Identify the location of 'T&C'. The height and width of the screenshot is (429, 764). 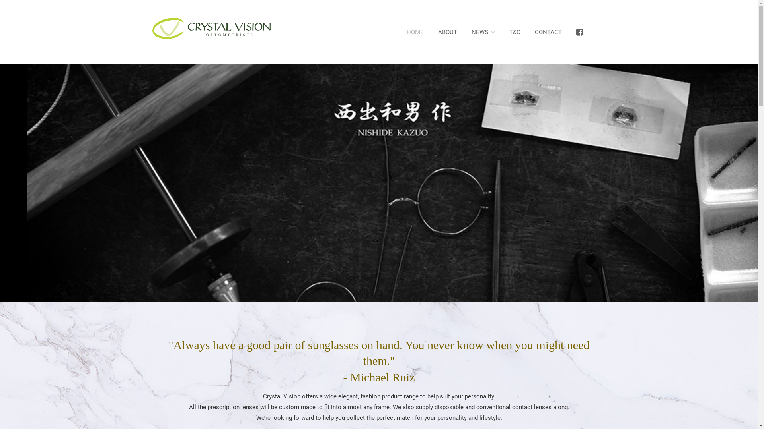
(515, 32).